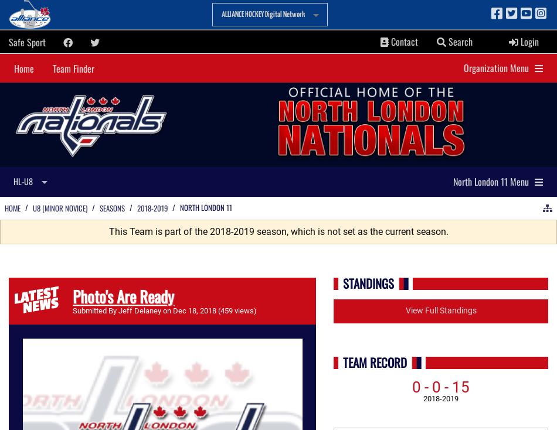 This screenshot has height=430, width=557. What do you see at coordinates (528, 41) in the screenshot?
I see `'Login'` at bounding box center [528, 41].